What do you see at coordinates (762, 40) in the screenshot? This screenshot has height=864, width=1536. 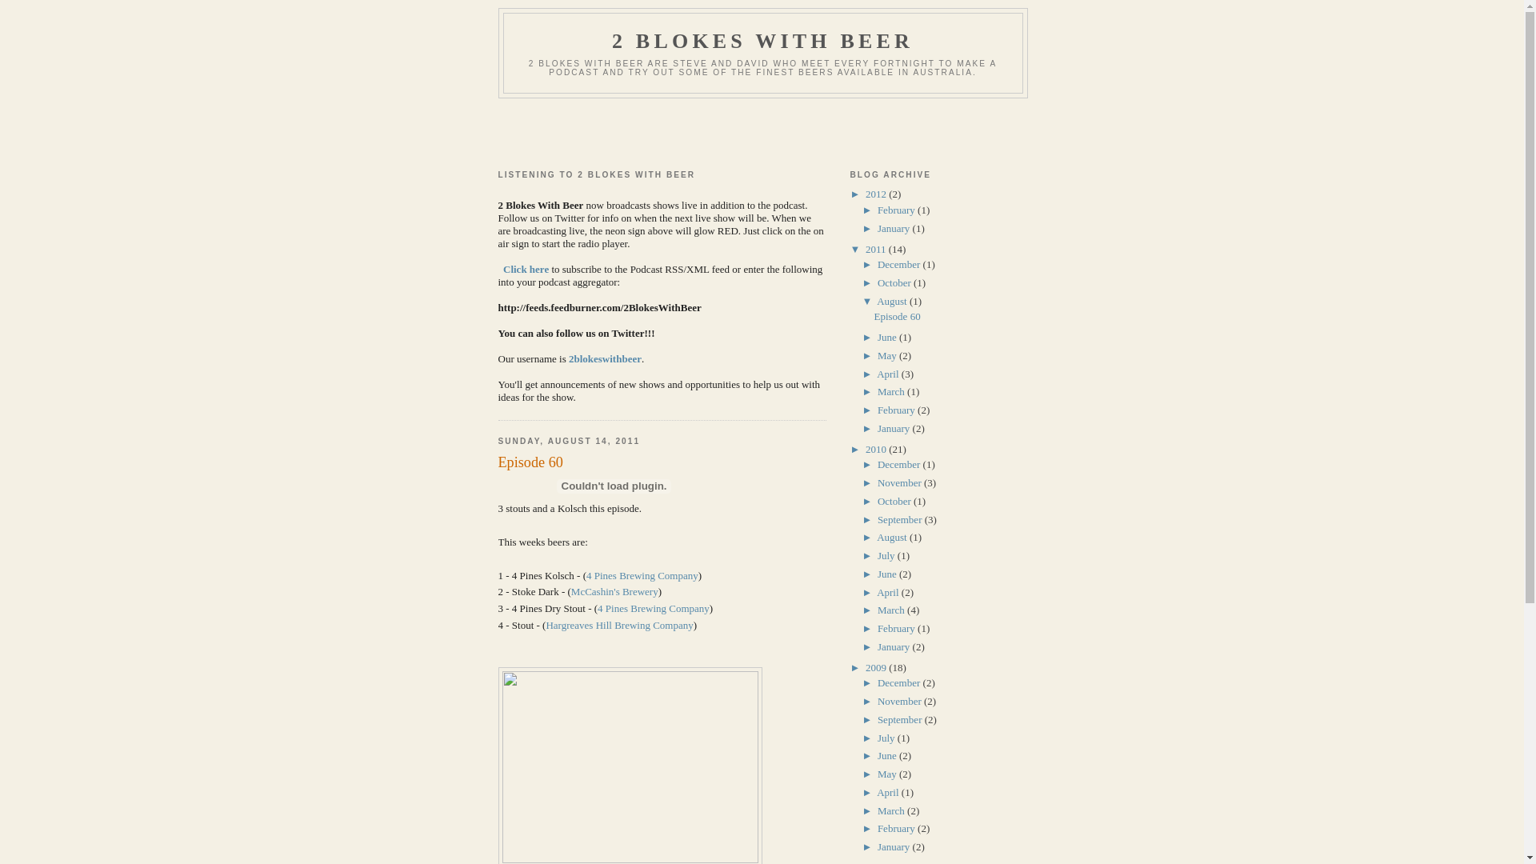 I see `'2 BLOKES WITH BEER'` at bounding box center [762, 40].